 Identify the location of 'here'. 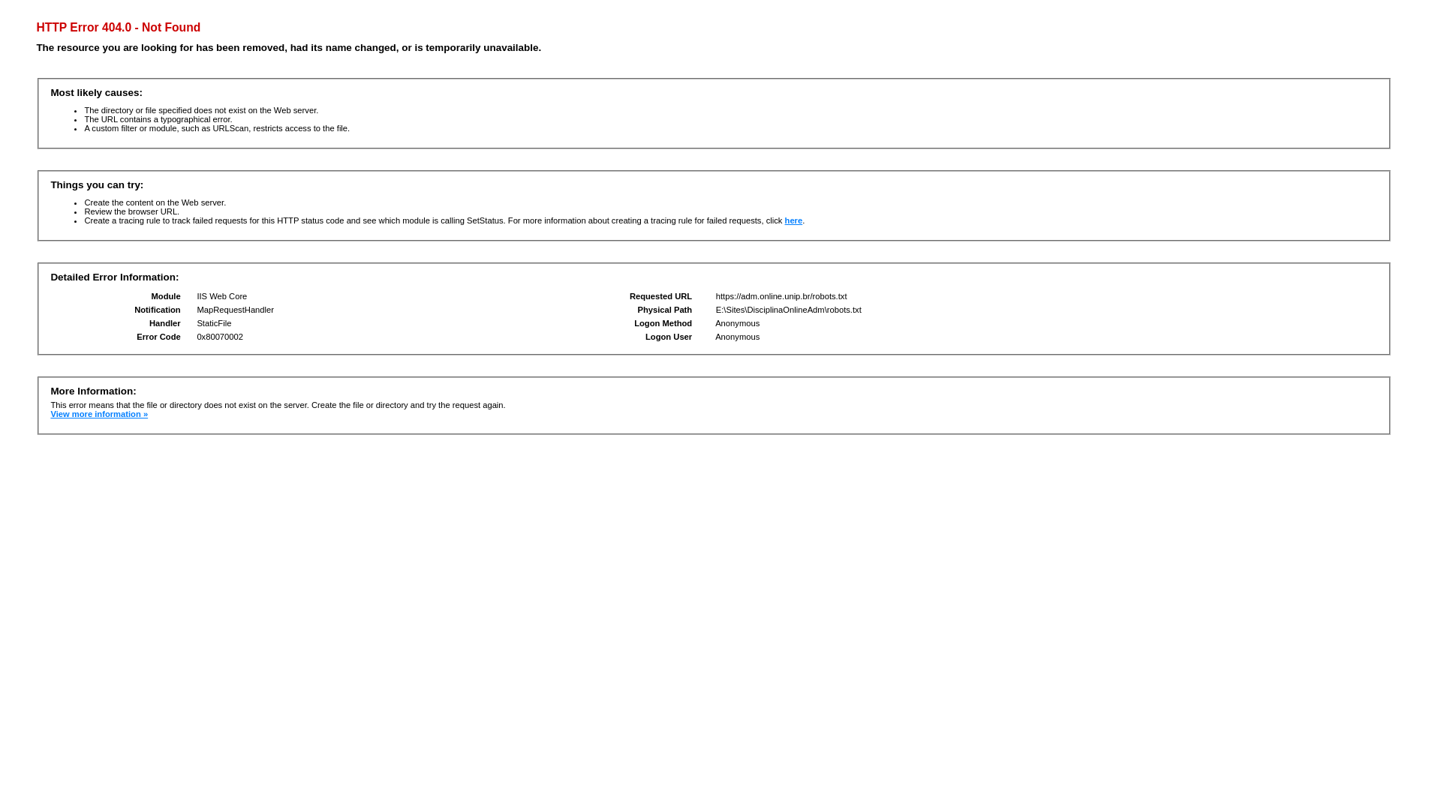
(793, 220).